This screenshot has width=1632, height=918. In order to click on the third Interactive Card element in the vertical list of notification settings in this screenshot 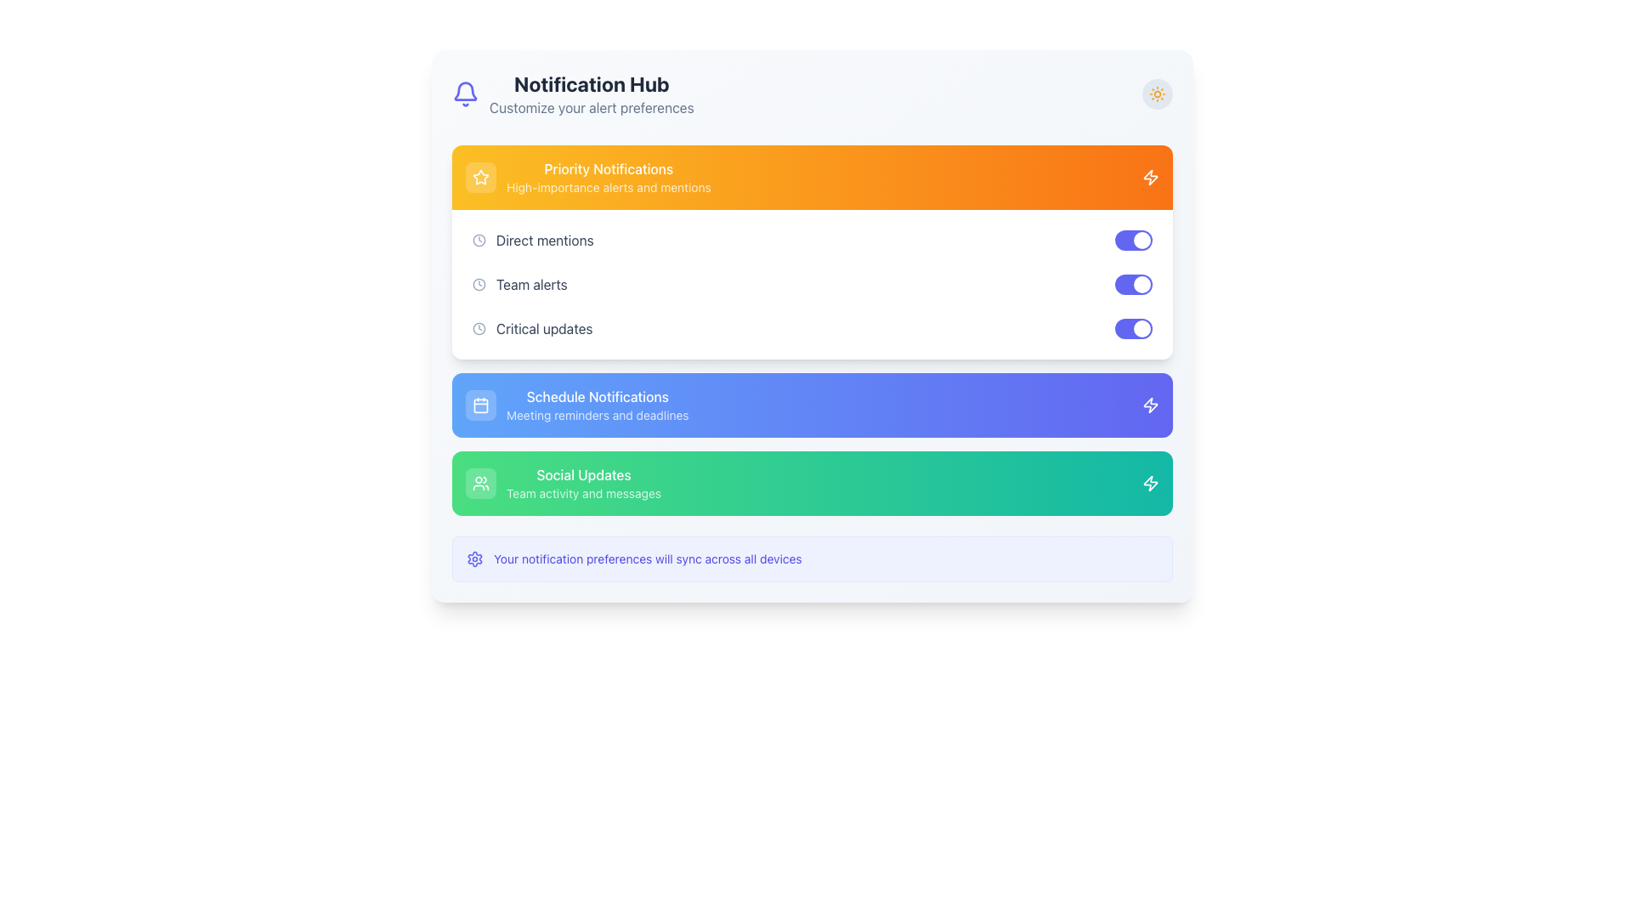, I will do `click(811, 484)`.